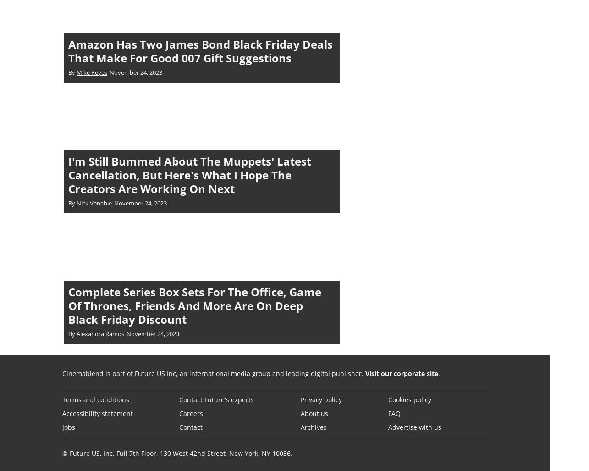  Describe the element at coordinates (177, 452) in the screenshot. I see `'©
Future US, Inc. Full 7th Floor, 130 West 42nd Street,
New York,
NY 10036.'` at that location.